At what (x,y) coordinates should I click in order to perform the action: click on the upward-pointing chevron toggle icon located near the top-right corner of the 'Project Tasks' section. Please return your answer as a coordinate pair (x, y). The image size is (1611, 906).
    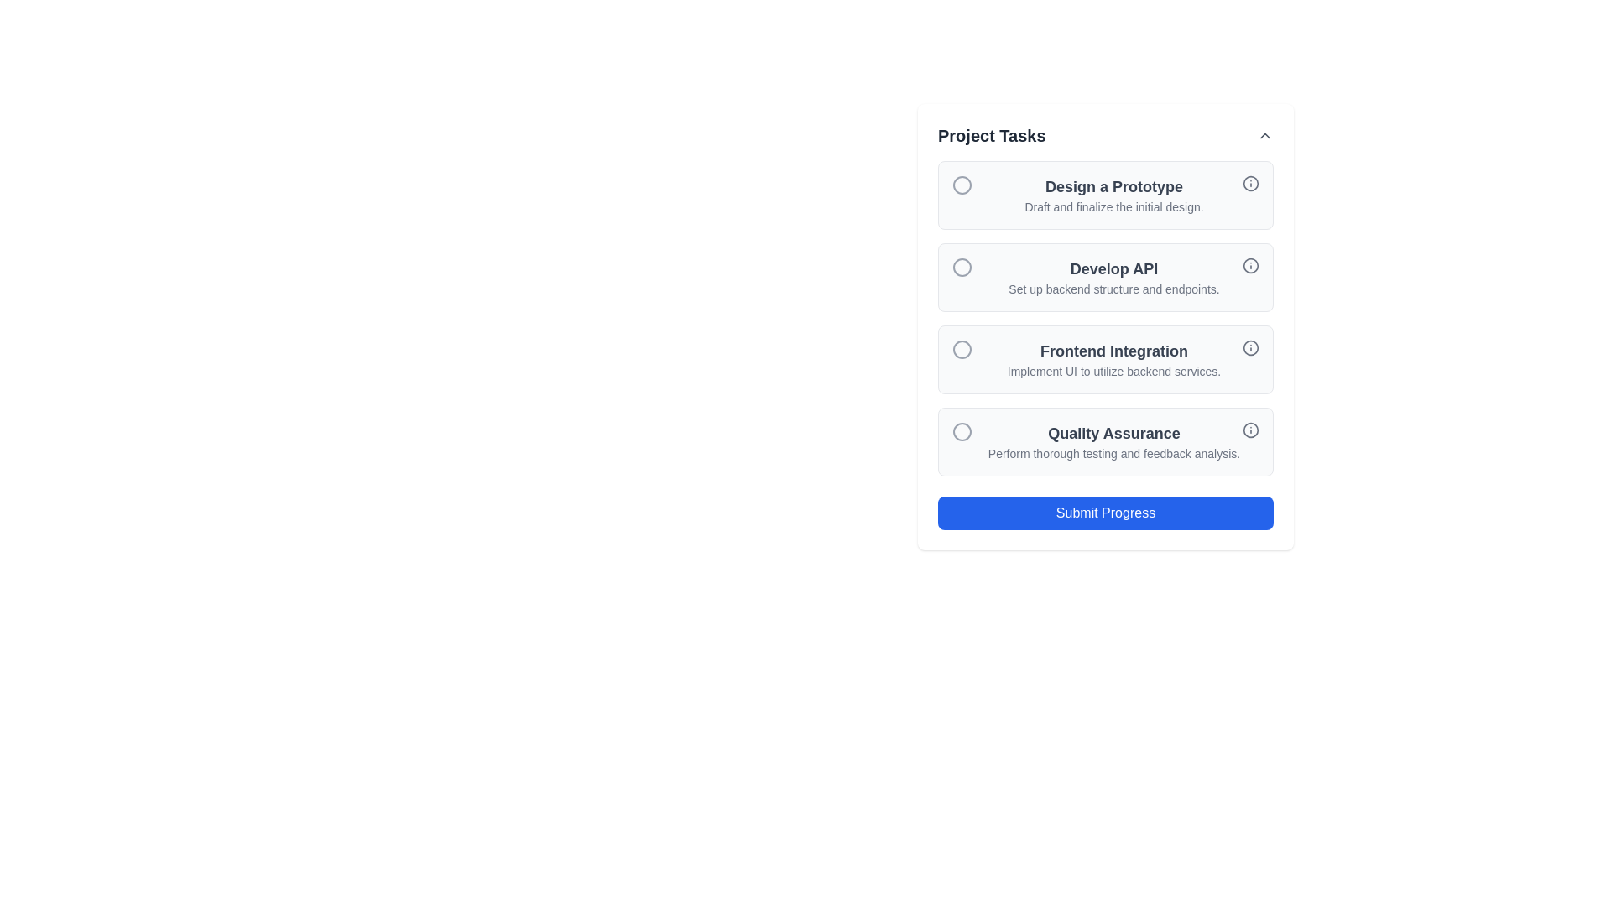
    Looking at the image, I should click on (1264, 135).